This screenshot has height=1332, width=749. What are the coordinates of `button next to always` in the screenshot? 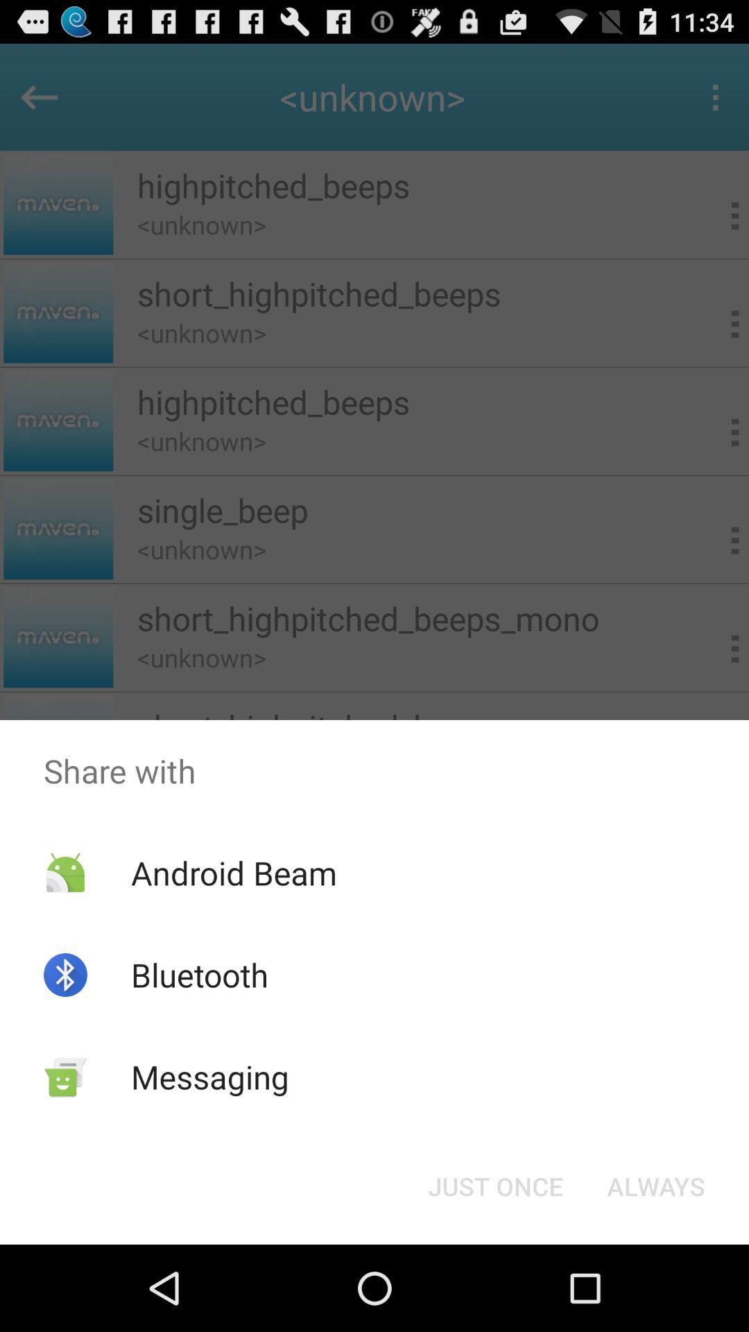 It's located at (494, 1185).